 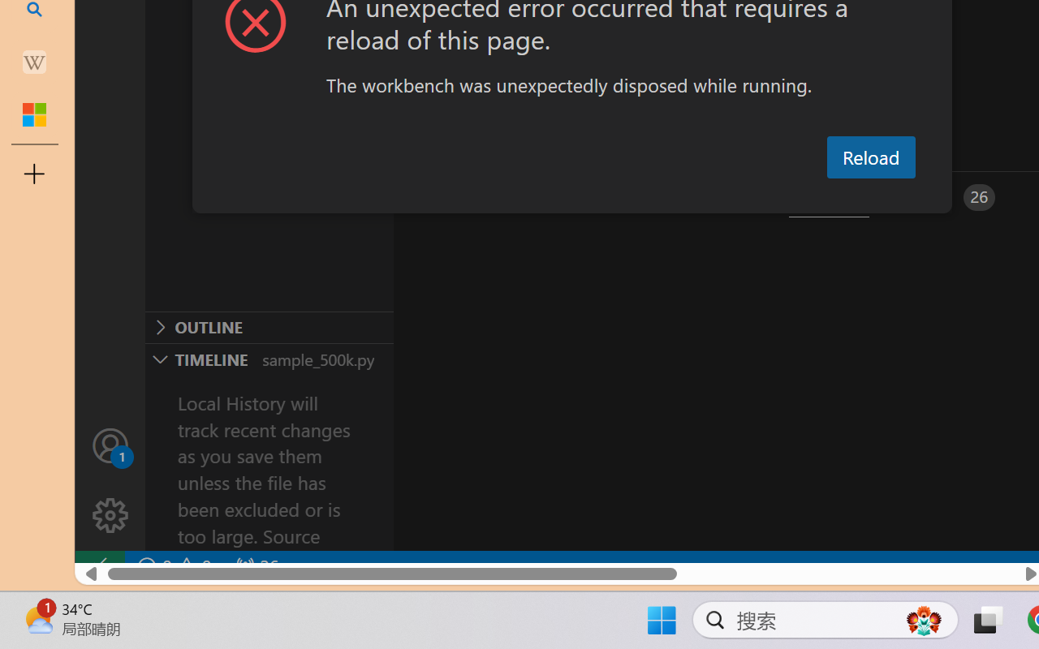 I want to click on 'Accounts - Sign in requested', so click(x=109, y=445).